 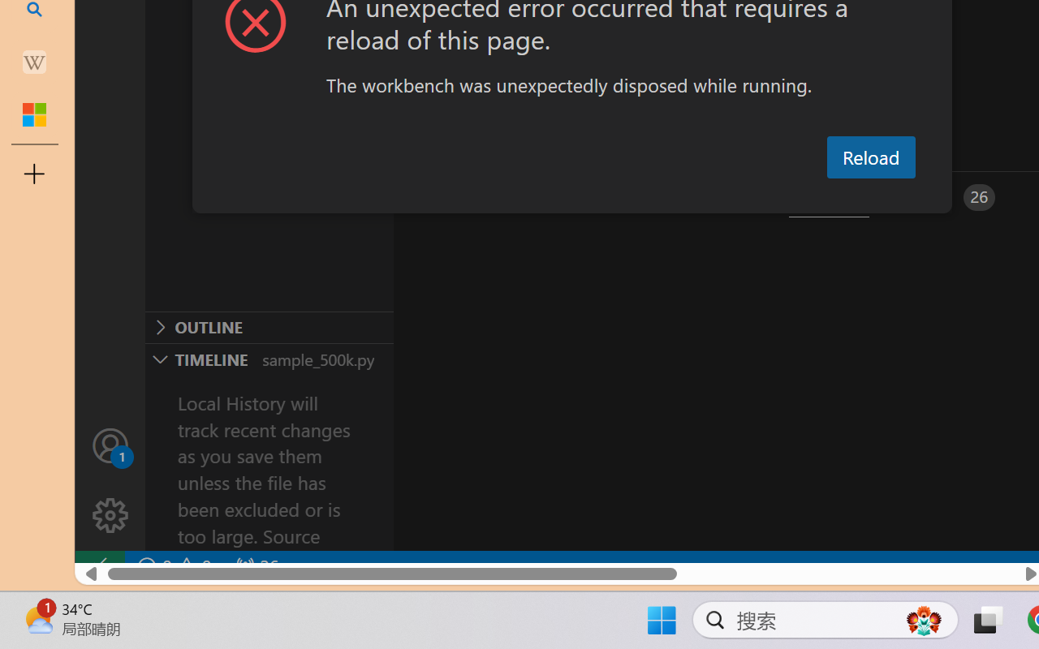 I want to click on 'Accounts - Sign in requested', so click(x=109, y=445).